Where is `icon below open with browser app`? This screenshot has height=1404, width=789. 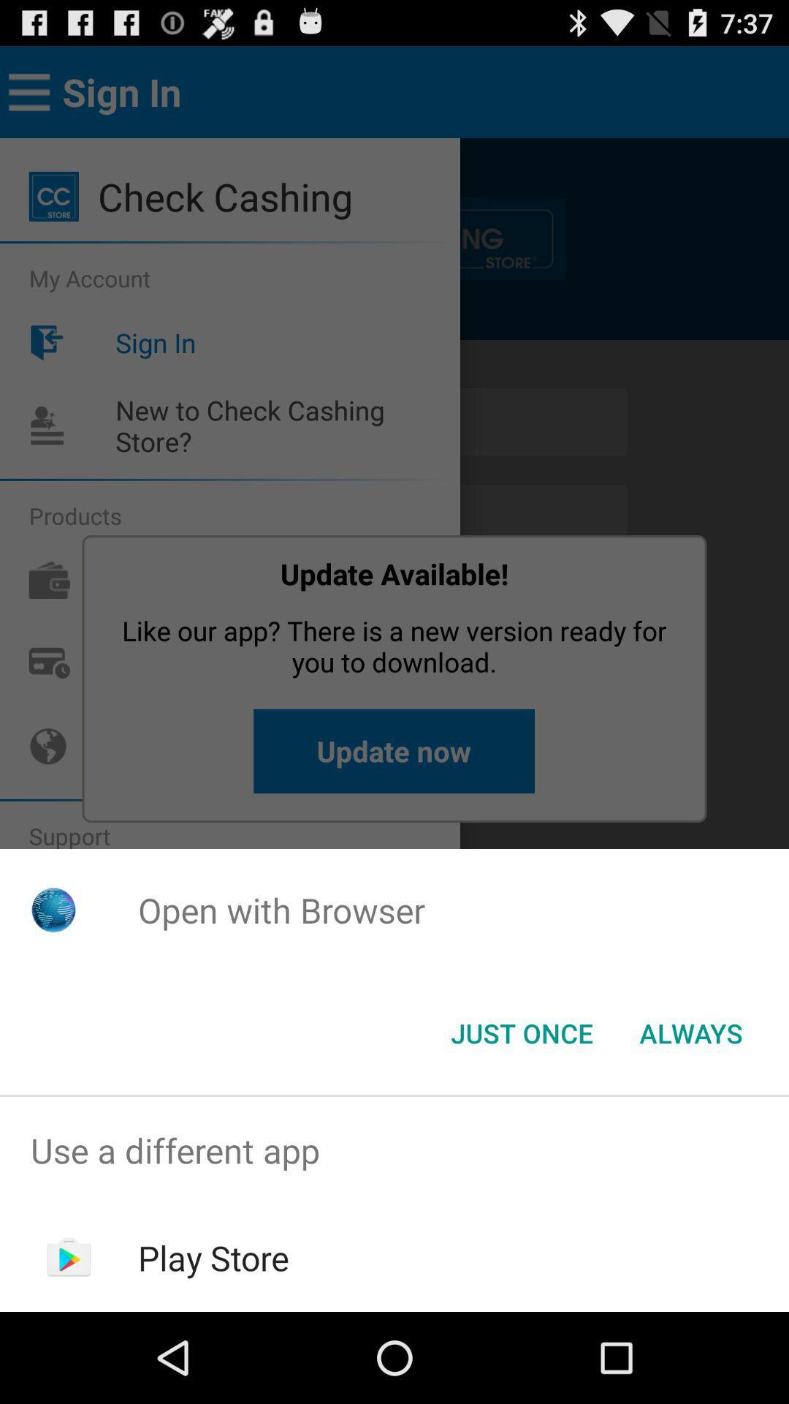
icon below open with browser app is located at coordinates (521, 1032).